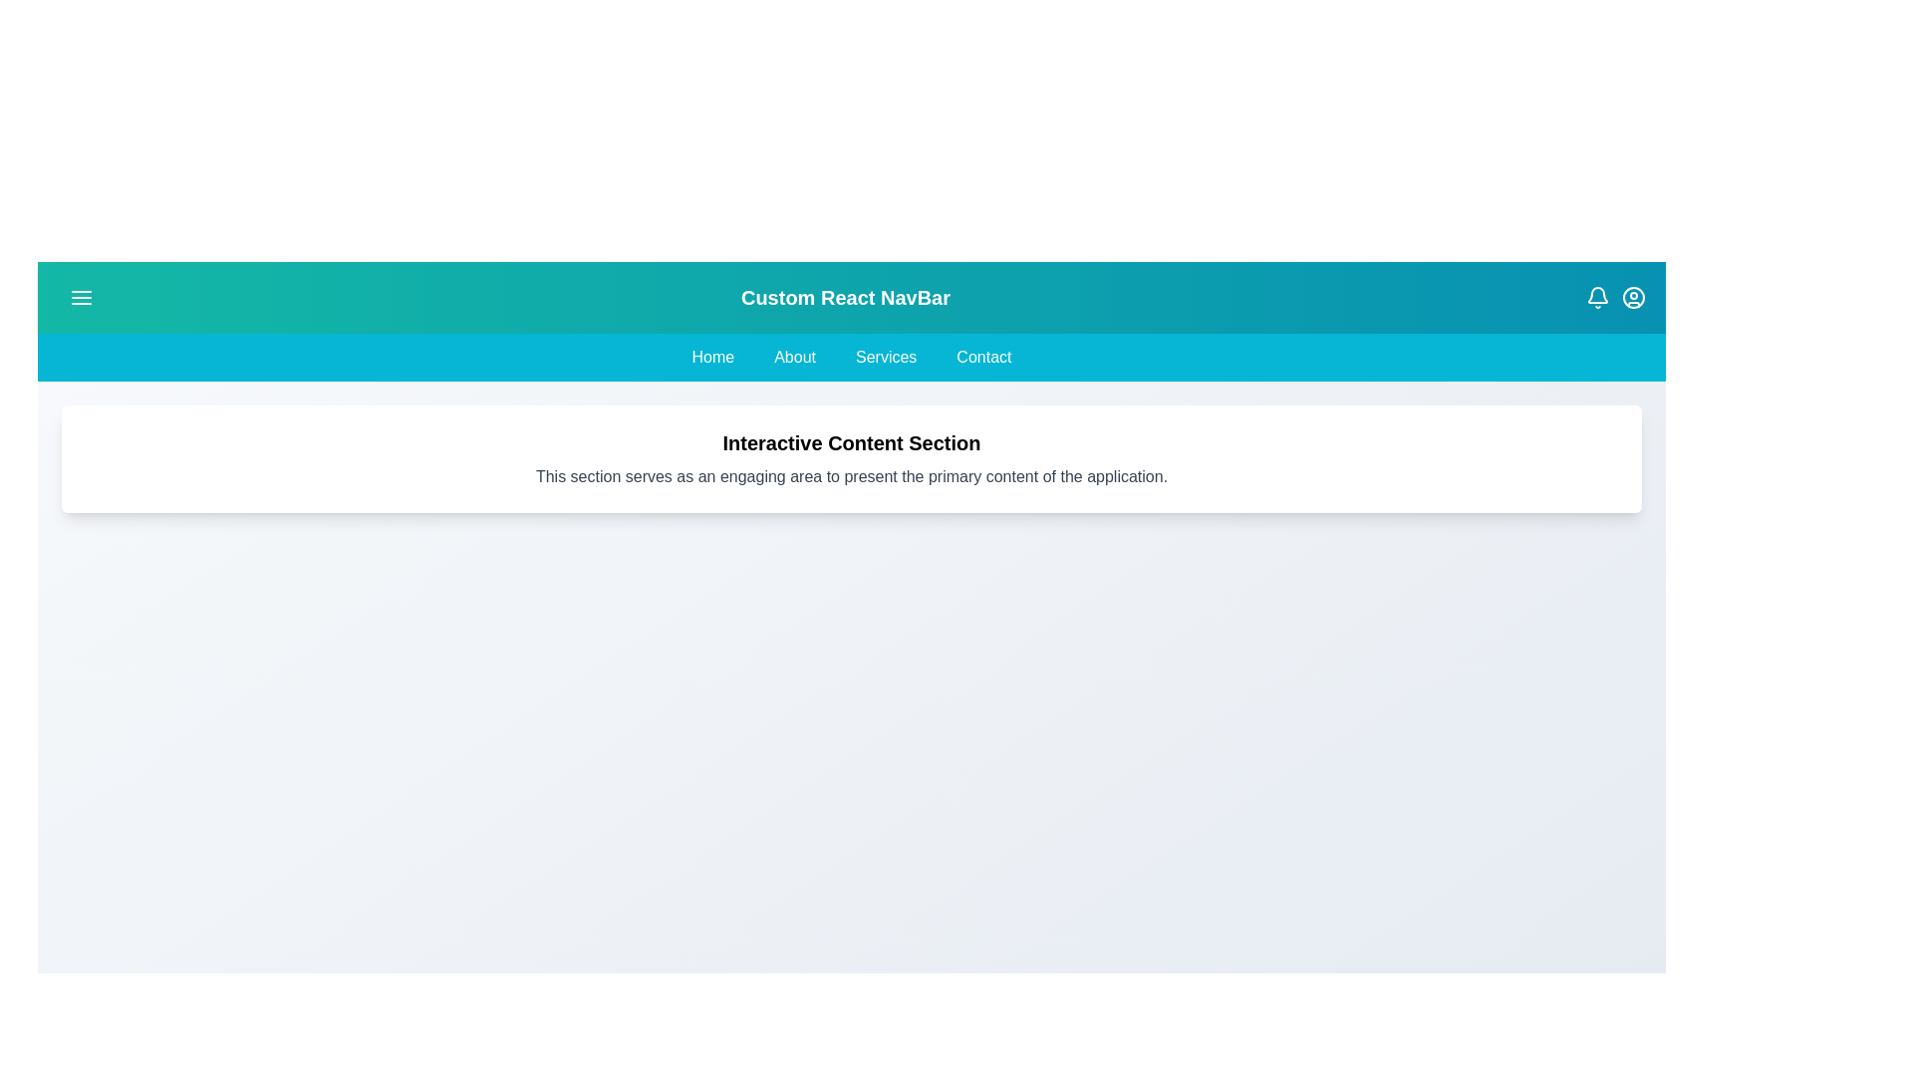 The image size is (1913, 1076). What do you see at coordinates (1597, 298) in the screenshot?
I see `the 'Bell' icon to view notifications` at bounding box center [1597, 298].